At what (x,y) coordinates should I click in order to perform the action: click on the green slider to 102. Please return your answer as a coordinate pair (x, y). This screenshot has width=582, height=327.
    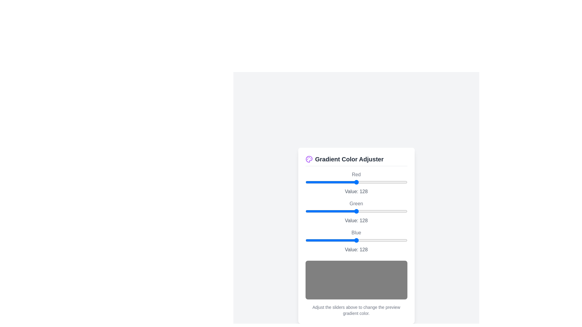
    Looking at the image, I should click on (346, 211).